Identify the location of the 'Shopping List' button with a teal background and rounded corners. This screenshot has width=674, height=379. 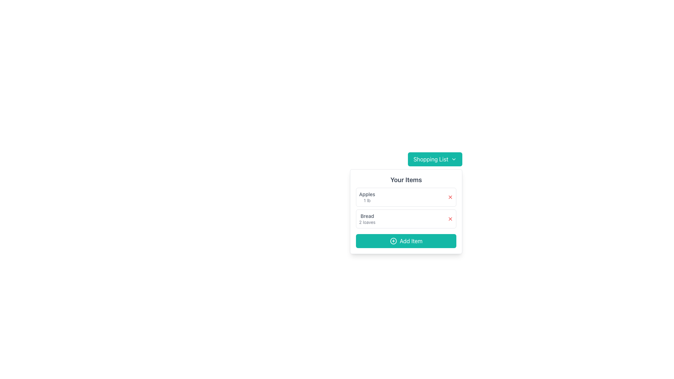
(435, 159).